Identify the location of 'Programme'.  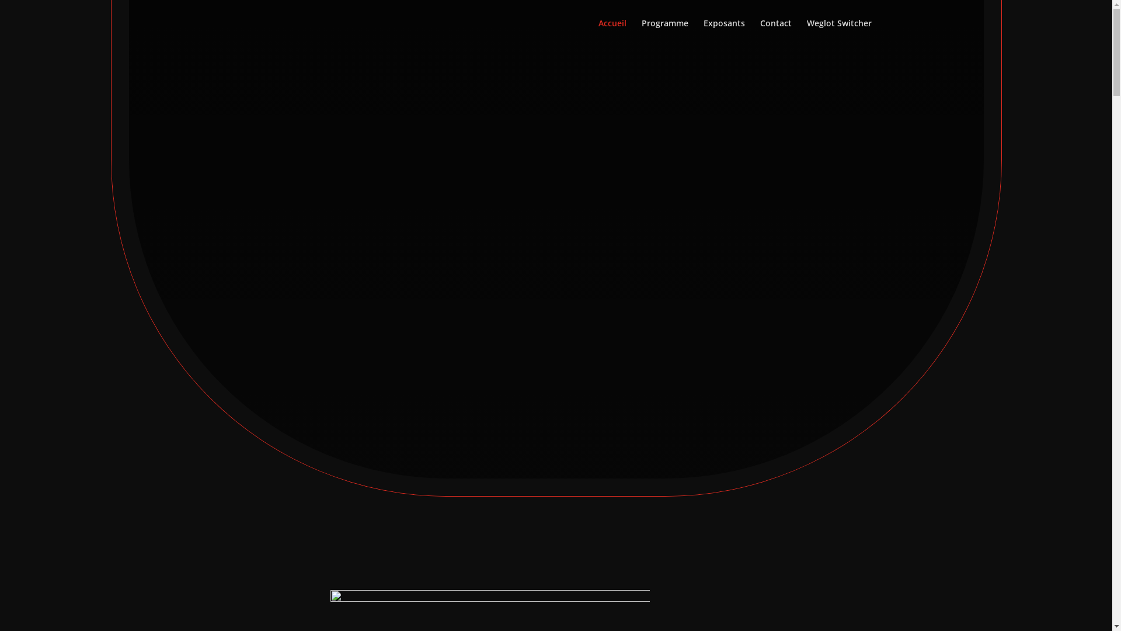
(664, 32).